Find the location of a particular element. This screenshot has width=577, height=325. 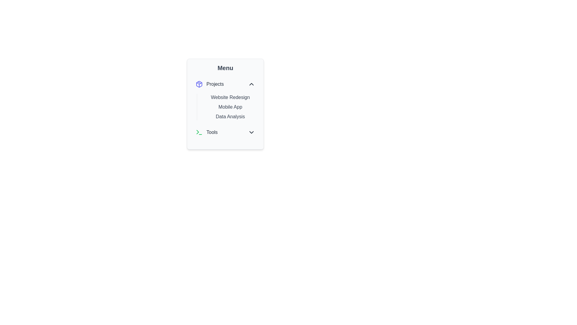

the 'Tools' menu item, which includes a dark font text and a green terminal prompt icon is located at coordinates (206, 132).